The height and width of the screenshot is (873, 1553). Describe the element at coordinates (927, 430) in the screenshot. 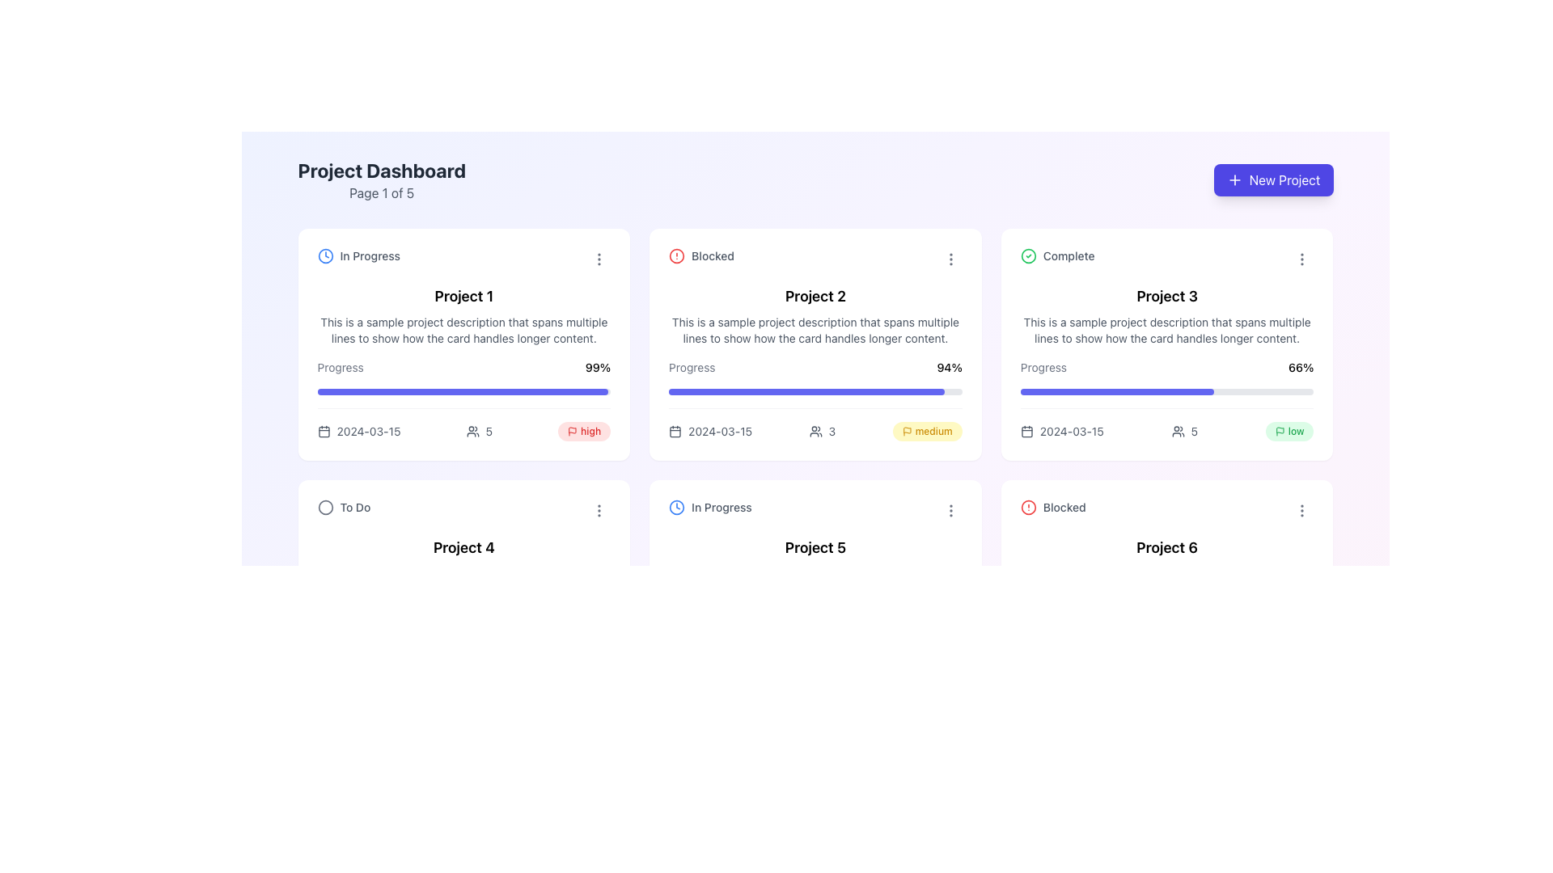

I see `the label with the text 'medium' and a flag icon located in the bottom right corner of the second card in the second row of the project dashboard` at that location.